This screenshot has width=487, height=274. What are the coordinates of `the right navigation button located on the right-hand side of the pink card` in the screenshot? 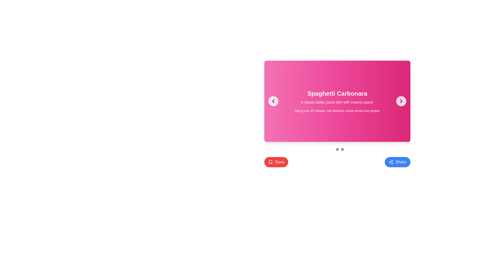 It's located at (401, 101).